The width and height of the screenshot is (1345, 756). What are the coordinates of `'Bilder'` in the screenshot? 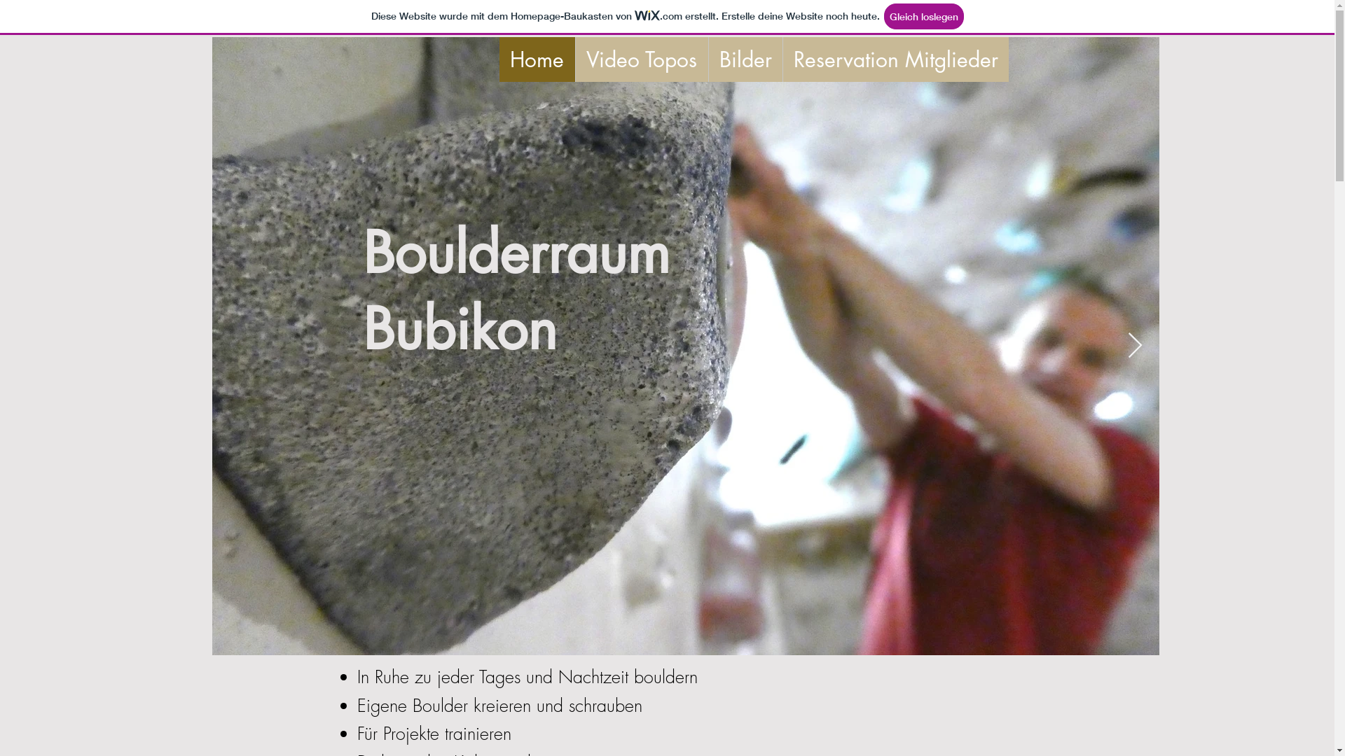 It's located at (743, 58).